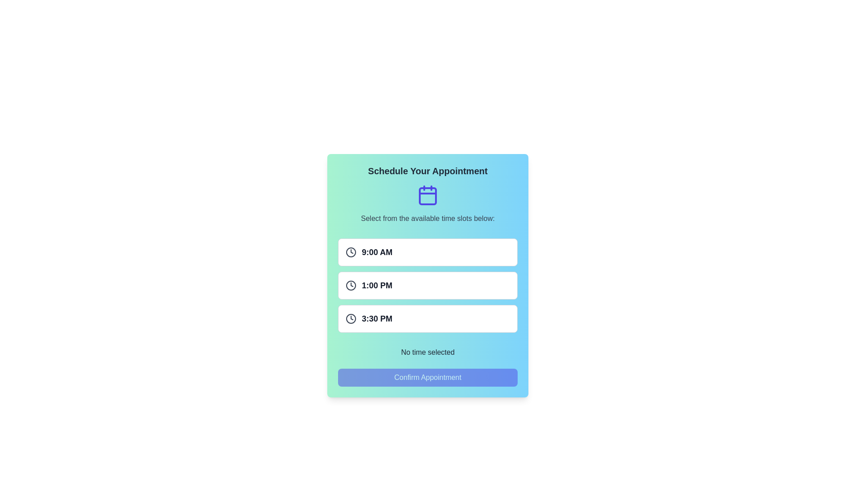 The image size is (862, 485). What do you see at coordinates (427, 195) in the screenshot?
I see `the Decorative Rectangle within the SVG Calendar Icon, which is centrally positioned and contributes to the overall design of the icon` at bounding box center [427, 195].